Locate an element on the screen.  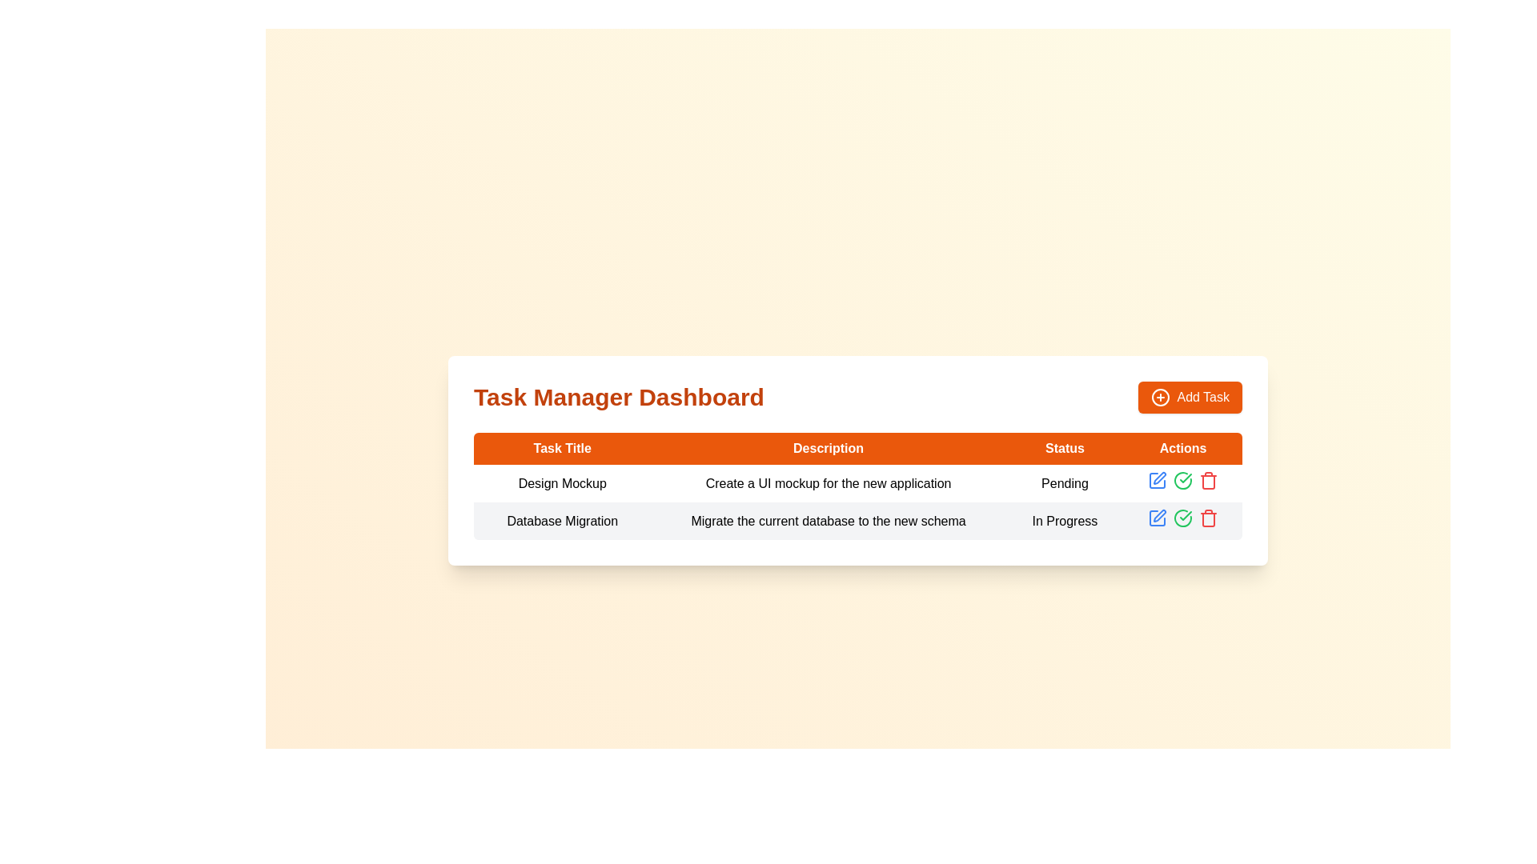
the Table Header Cell that serves as the heading for the 'Actions' column in the table, located in the top-right section of the table header is located at coordinates (1183, 448).